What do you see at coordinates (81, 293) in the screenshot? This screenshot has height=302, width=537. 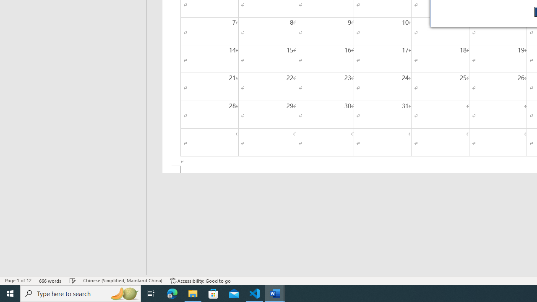 I see `'Type here to search'` at bounding box center [81, 293].